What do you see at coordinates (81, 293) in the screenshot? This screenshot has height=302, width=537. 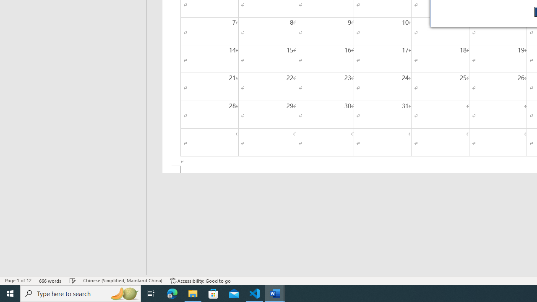 I see `'Type here to search'` at bounding box center [81, 293].